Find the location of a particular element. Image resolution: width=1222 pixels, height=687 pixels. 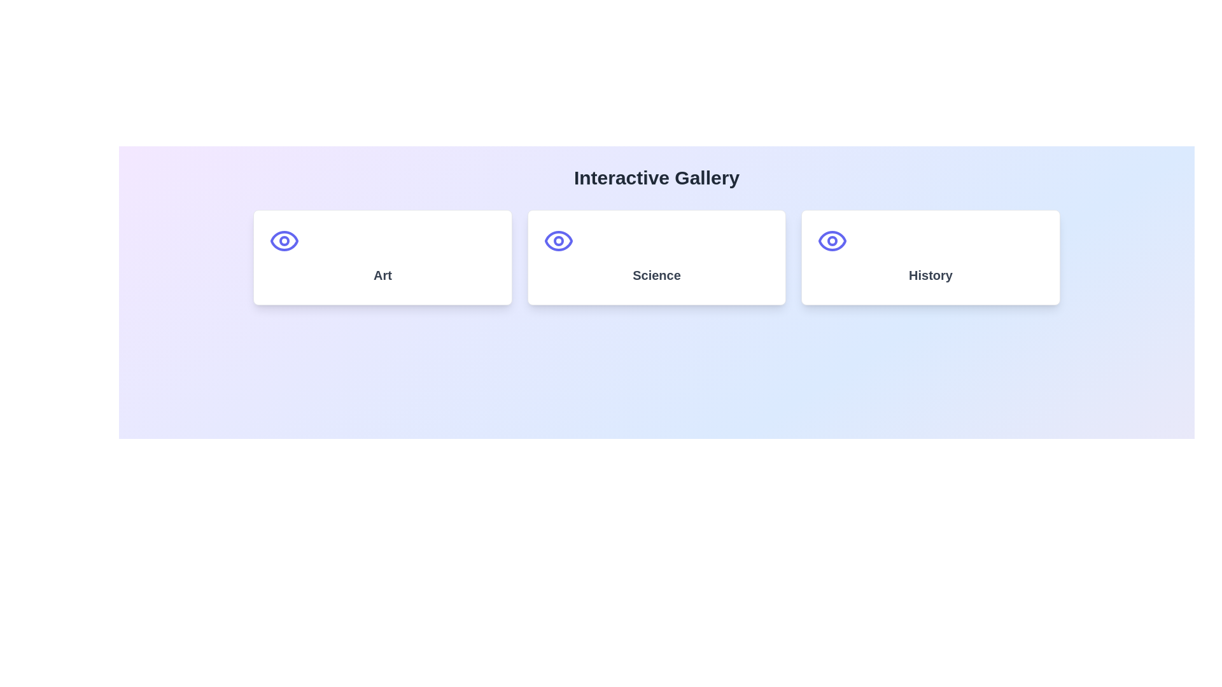

the text label displaying the word 'Art', which is styled with a bold font and dark gray color, located centrally in the first card of a series of three cards is located at coordinates (382, 274).